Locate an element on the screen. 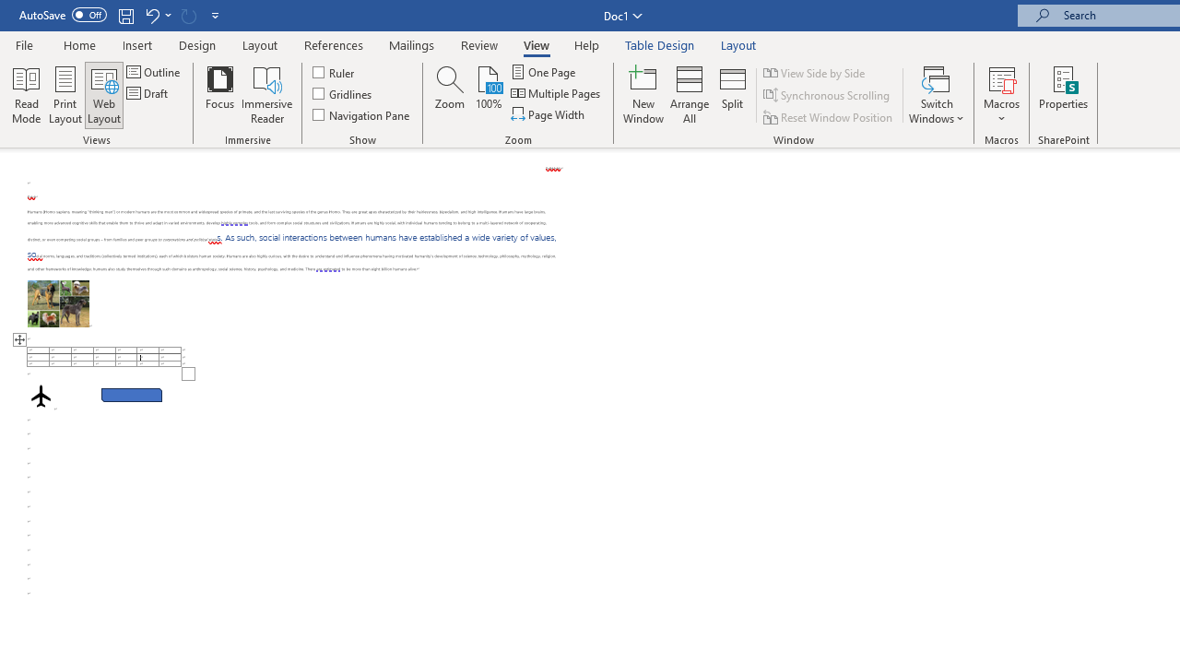 This screenshot has height=664, width=1180. 'More Options' is located at coordinates (1000, 112).